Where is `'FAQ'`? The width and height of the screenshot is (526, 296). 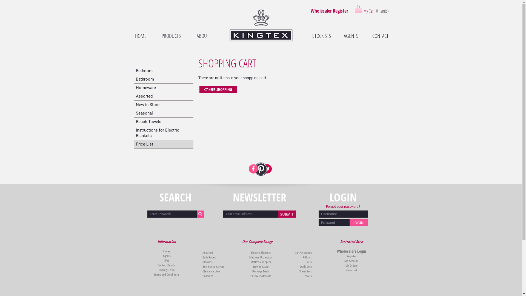
'FAQ' is located at coordinates (164, 260).